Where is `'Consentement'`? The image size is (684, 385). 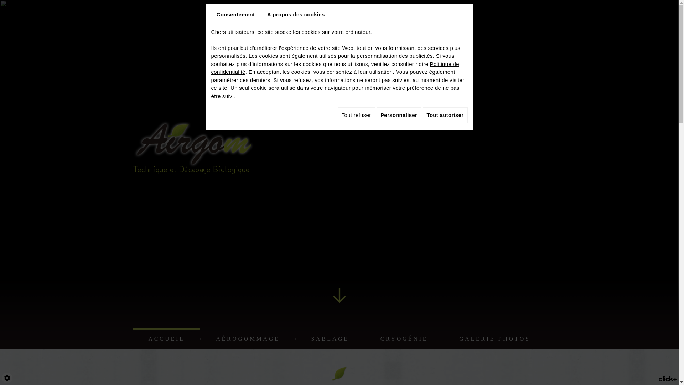 'Consentement' is located at coordinates (235, 15).